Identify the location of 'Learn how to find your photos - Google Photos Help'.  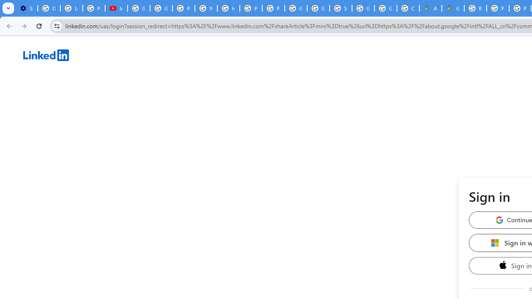
(71, 8).